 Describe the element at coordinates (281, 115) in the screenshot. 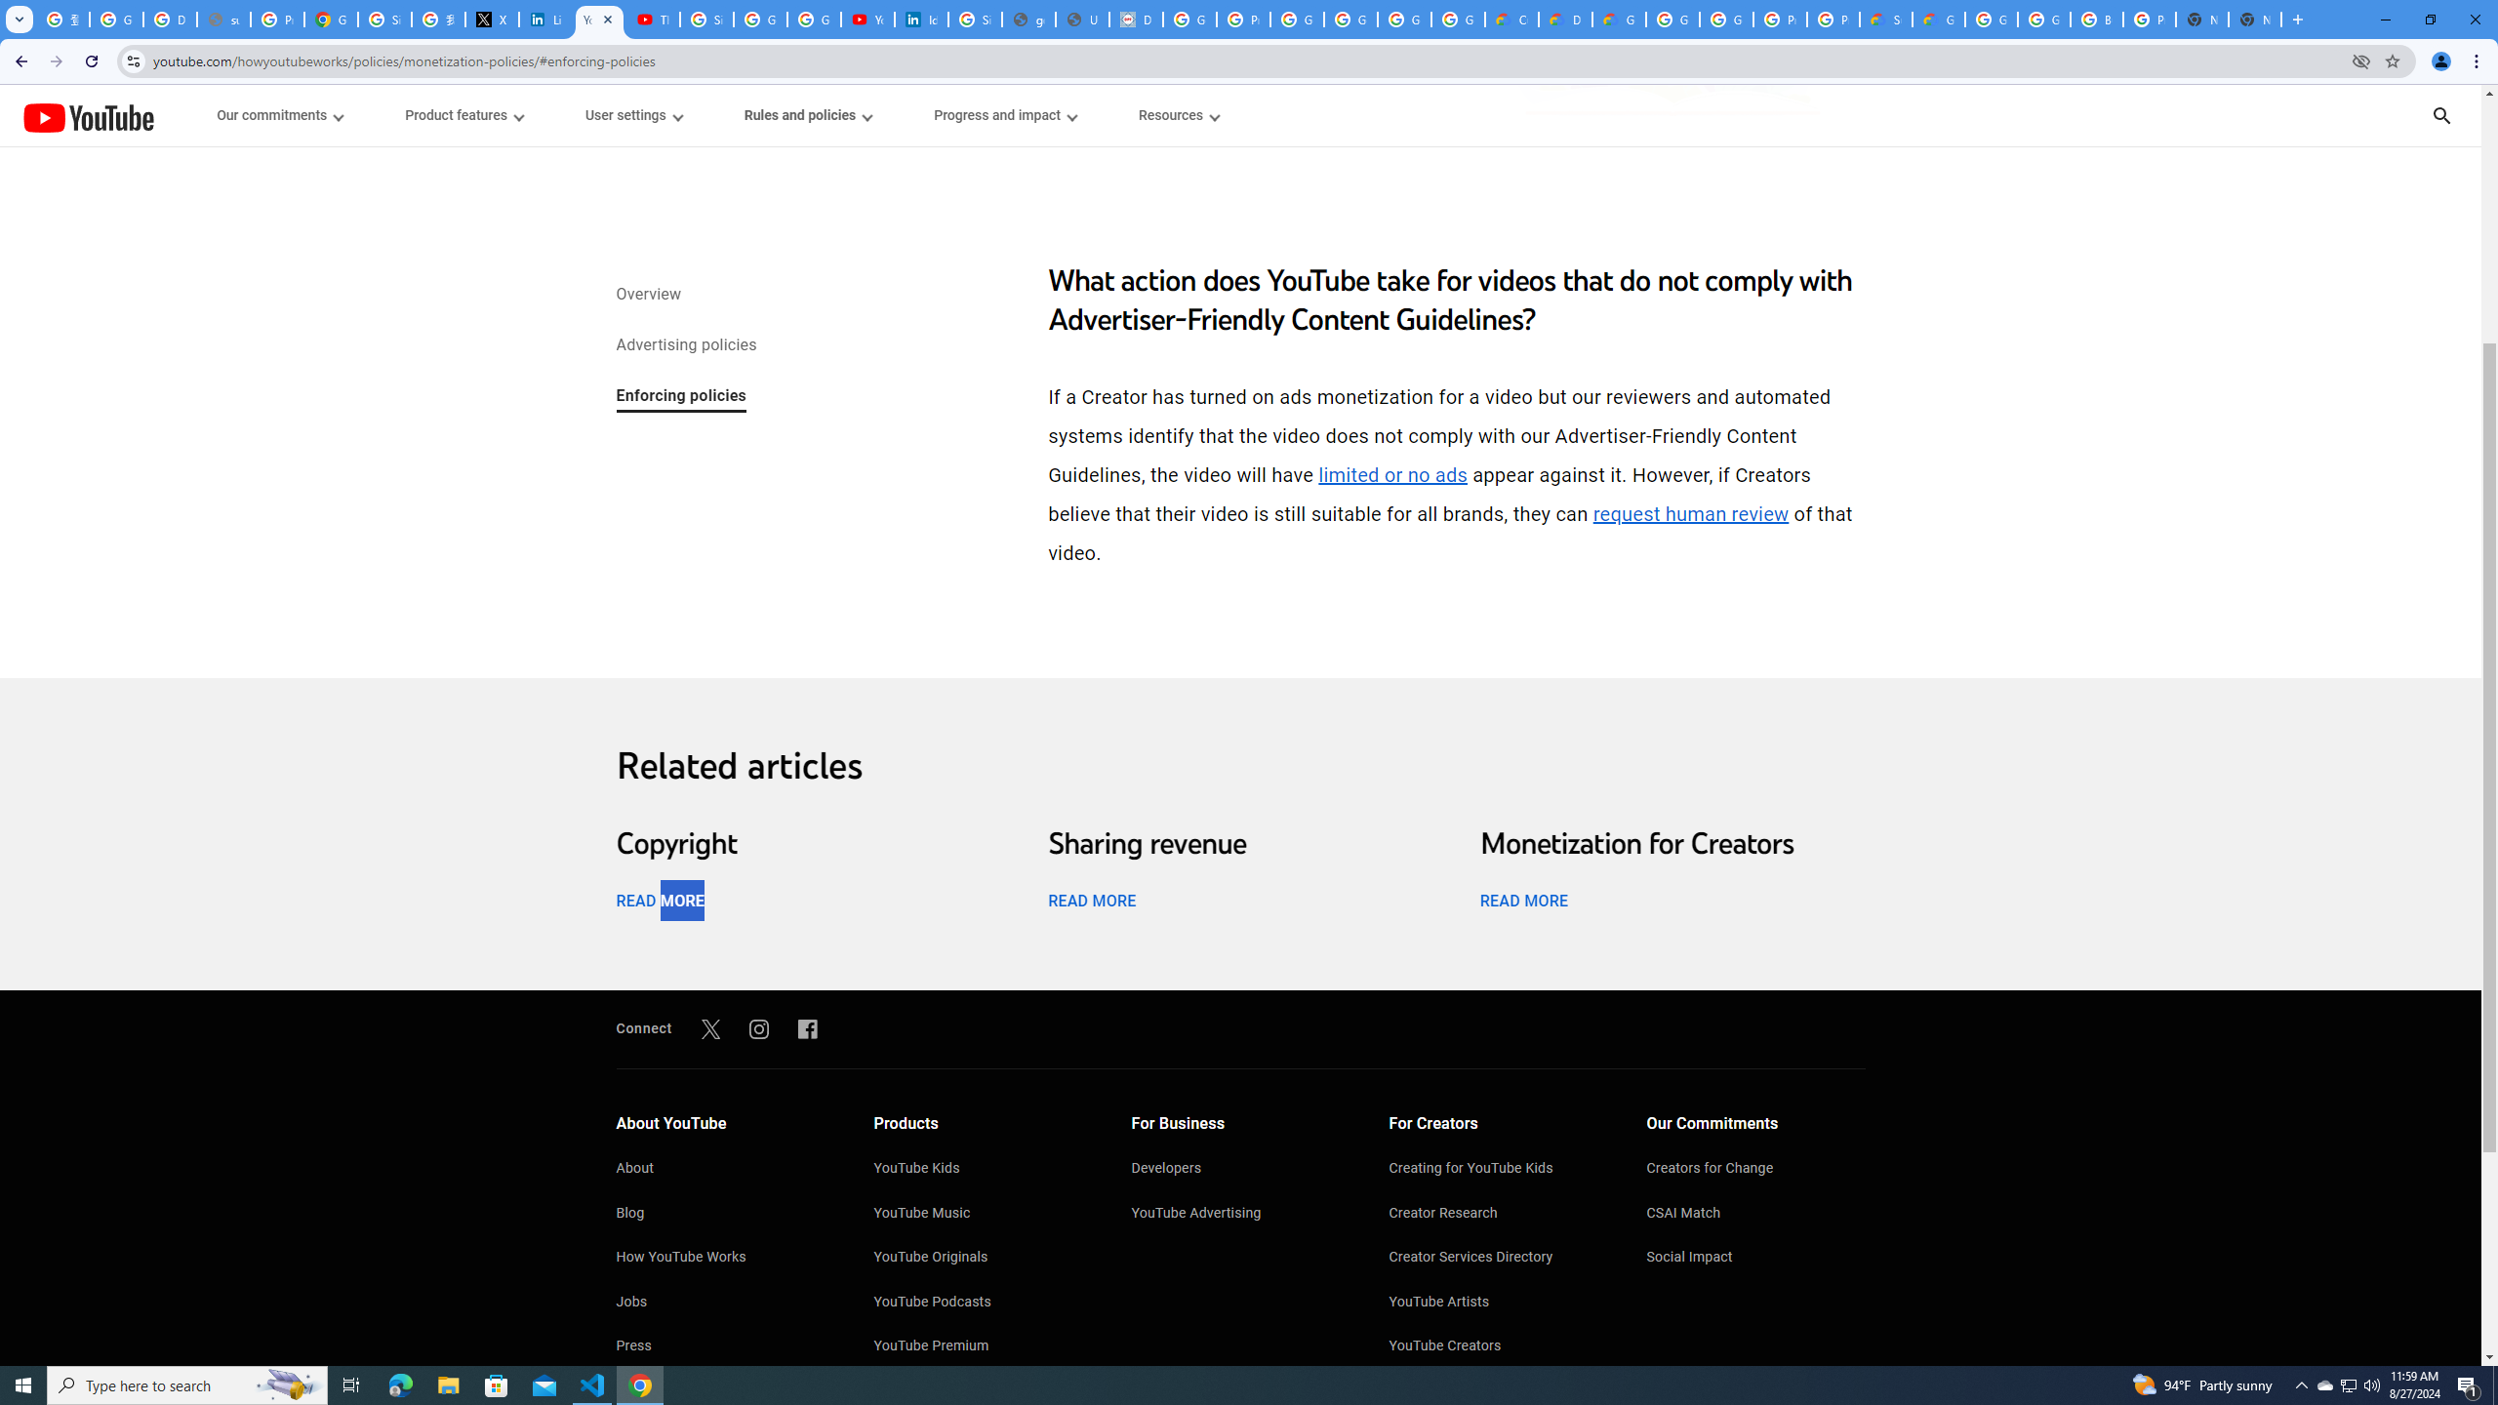

I see `'Our commitments menupopup'` at that location.